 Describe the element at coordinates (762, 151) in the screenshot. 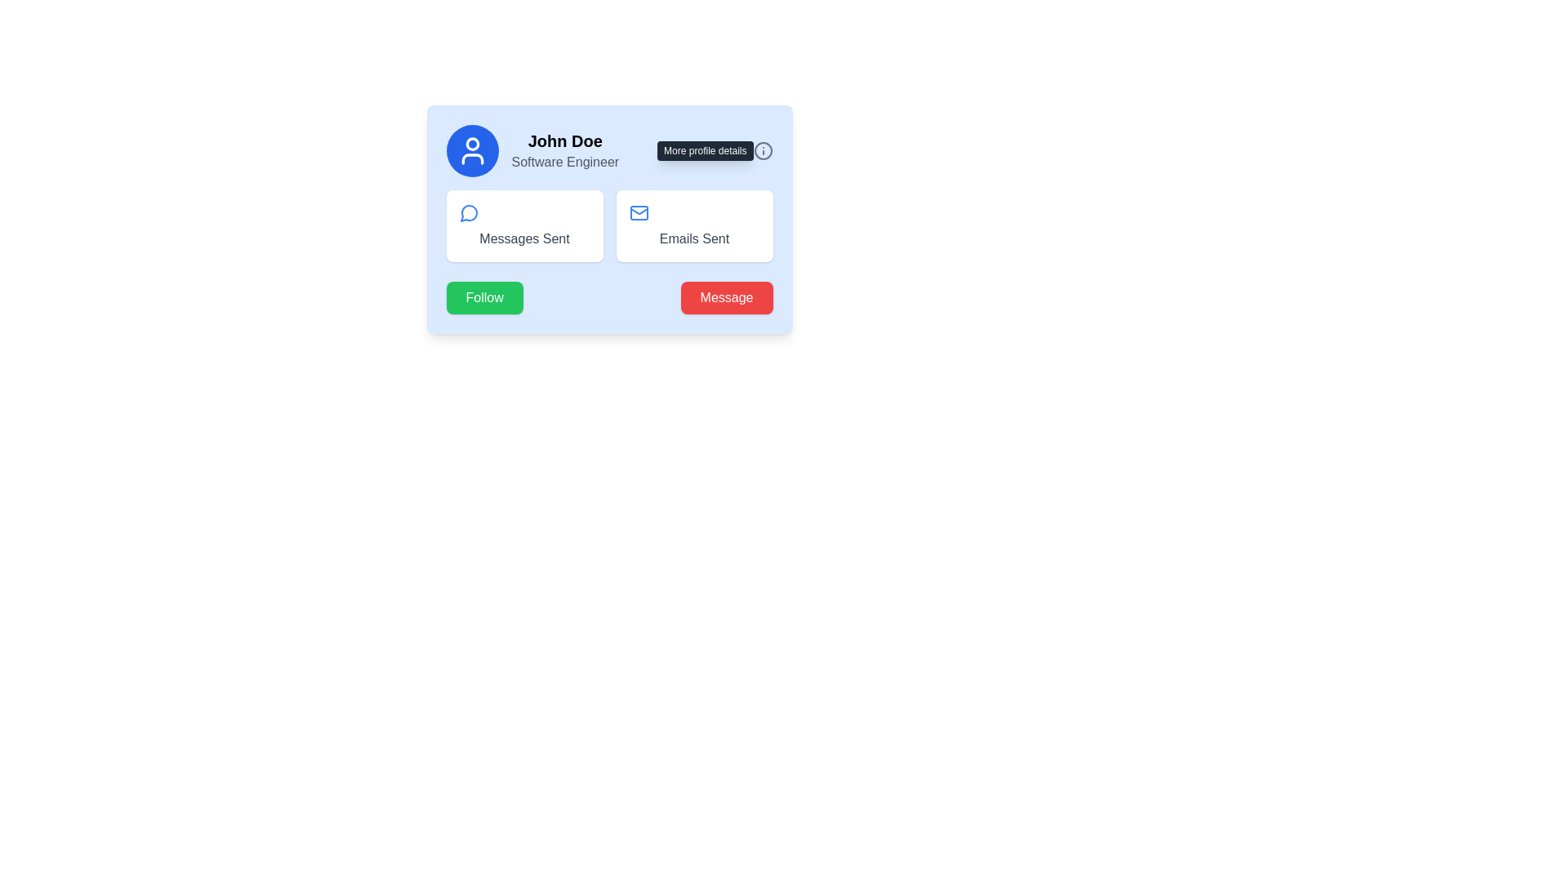

I see `the main circular part of the icon in the header section of the profile card` at that location.